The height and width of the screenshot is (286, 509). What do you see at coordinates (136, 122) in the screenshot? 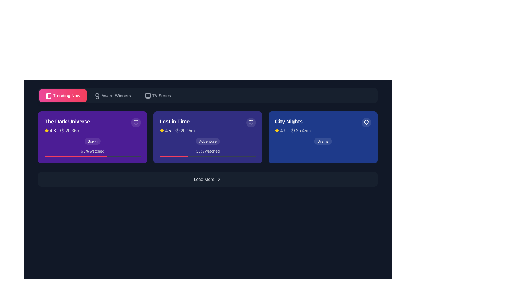
I see `the heart icon button located at the top-right corner of the first content card, which features a thin white stroke and rounded corners` at bounding box center [136, 122].